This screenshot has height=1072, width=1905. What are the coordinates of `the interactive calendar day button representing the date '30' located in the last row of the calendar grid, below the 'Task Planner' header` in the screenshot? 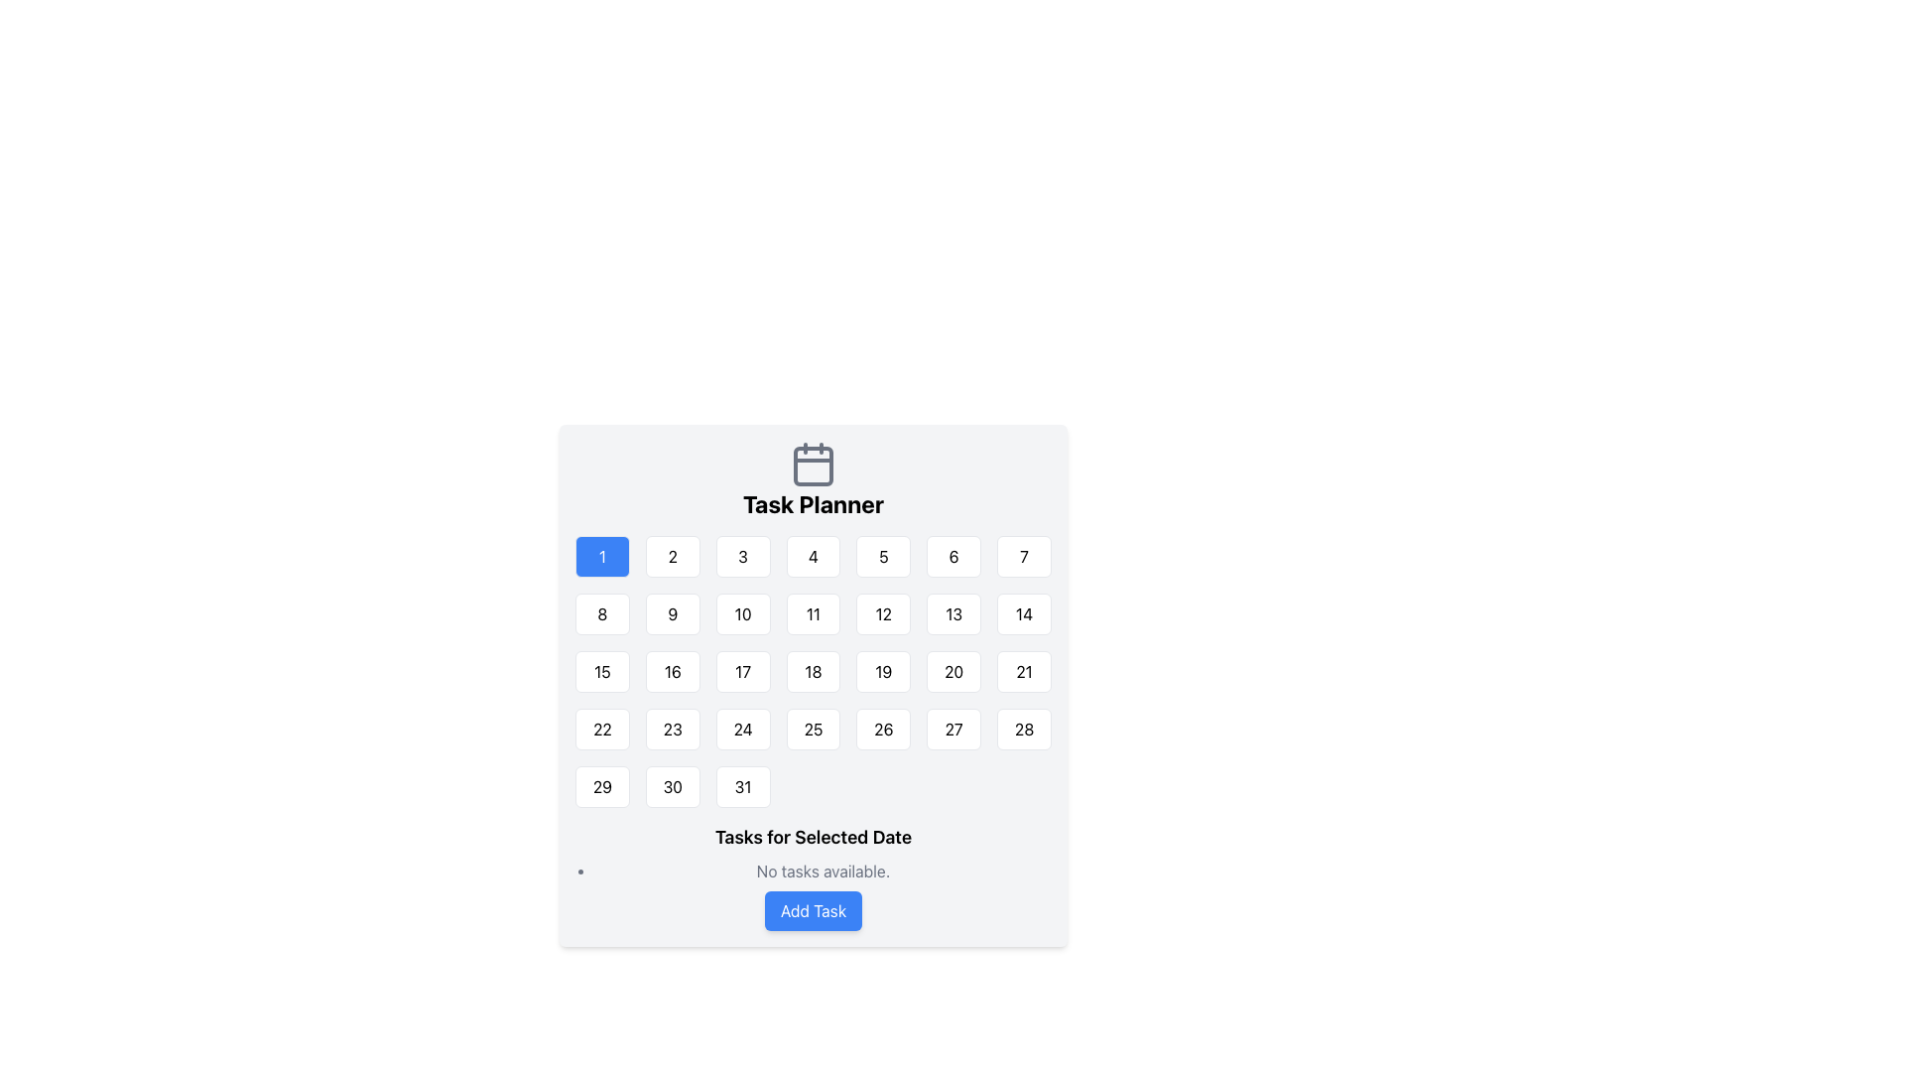 It's located at (673, 786).